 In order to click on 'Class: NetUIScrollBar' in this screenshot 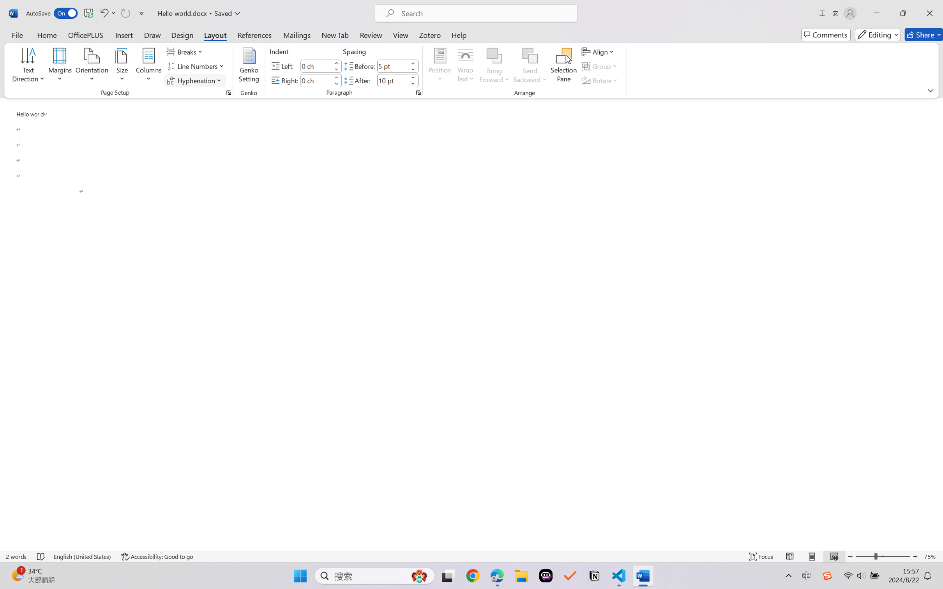, I will do `click(938, 324)`.